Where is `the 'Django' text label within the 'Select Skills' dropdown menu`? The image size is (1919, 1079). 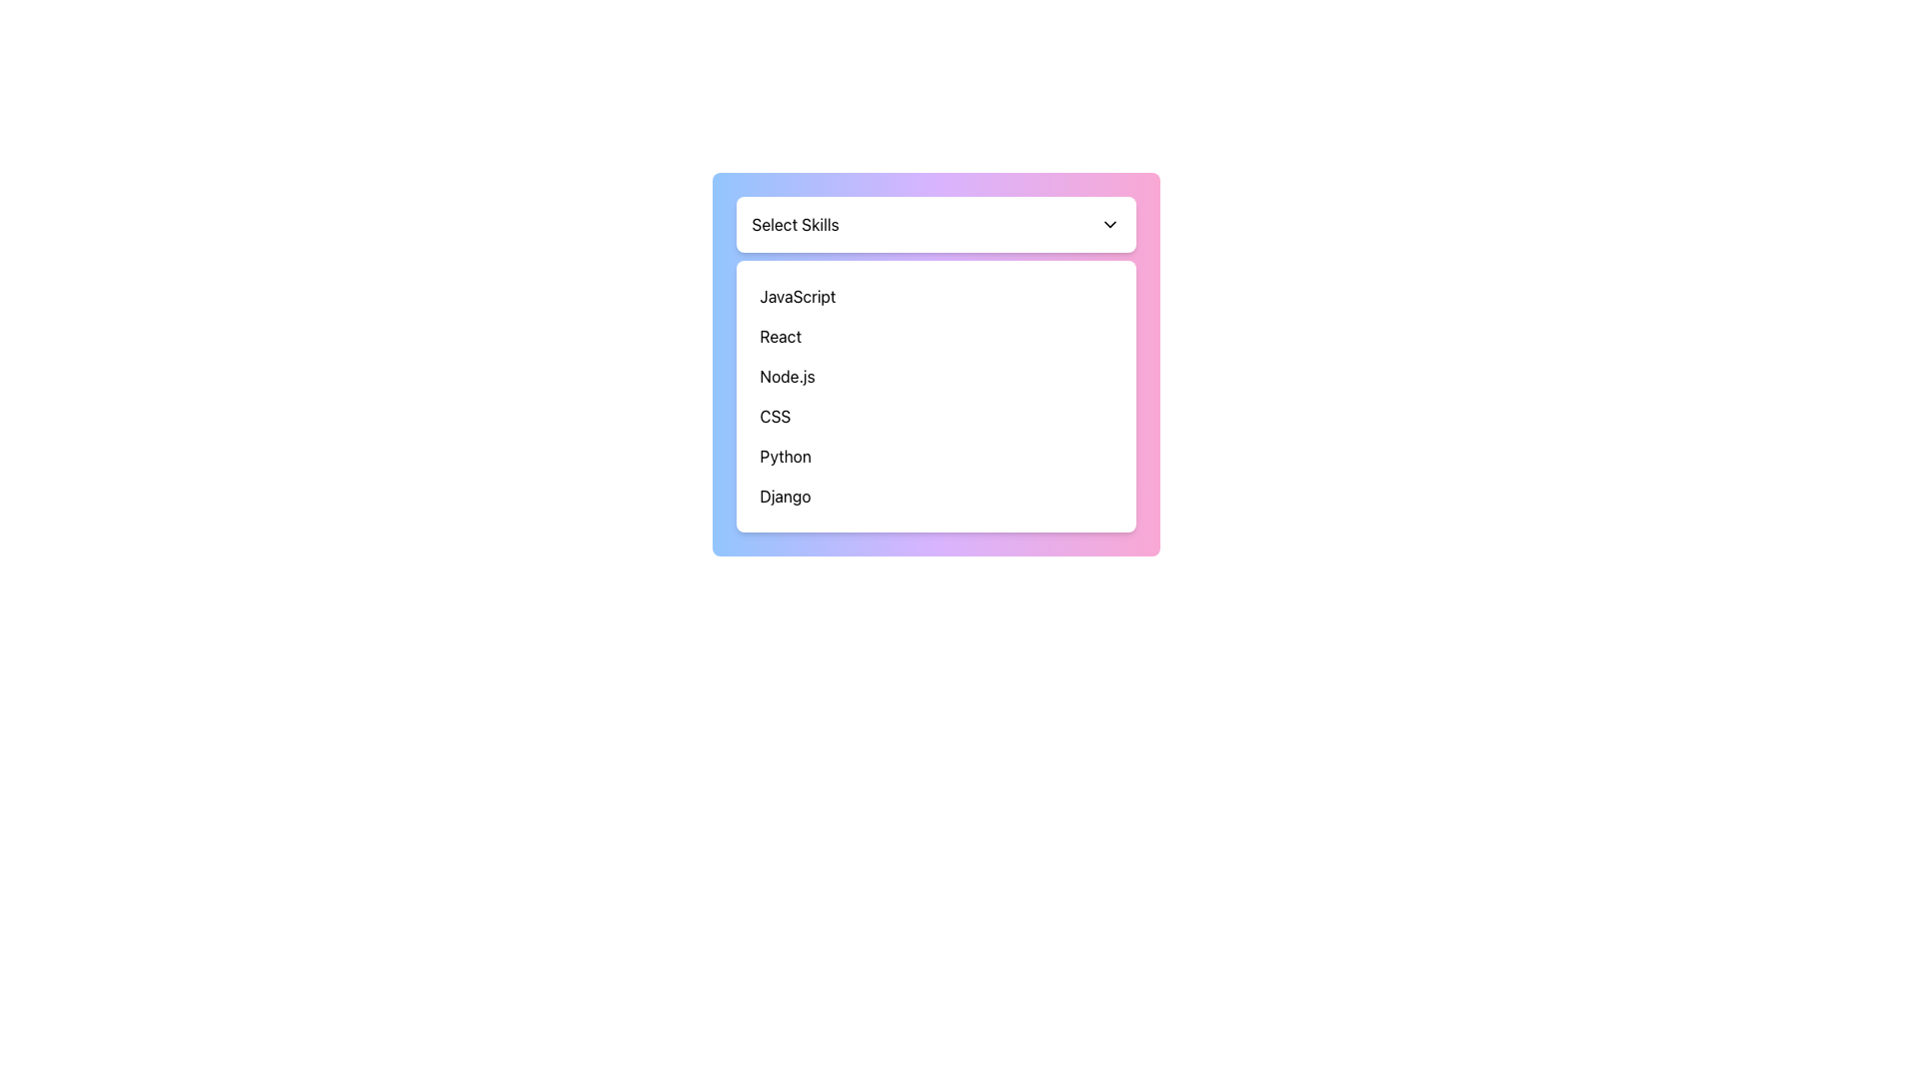 the 'Django' text label within the 'Select Skills' dropdown menu is located at coordinates (785, 496).